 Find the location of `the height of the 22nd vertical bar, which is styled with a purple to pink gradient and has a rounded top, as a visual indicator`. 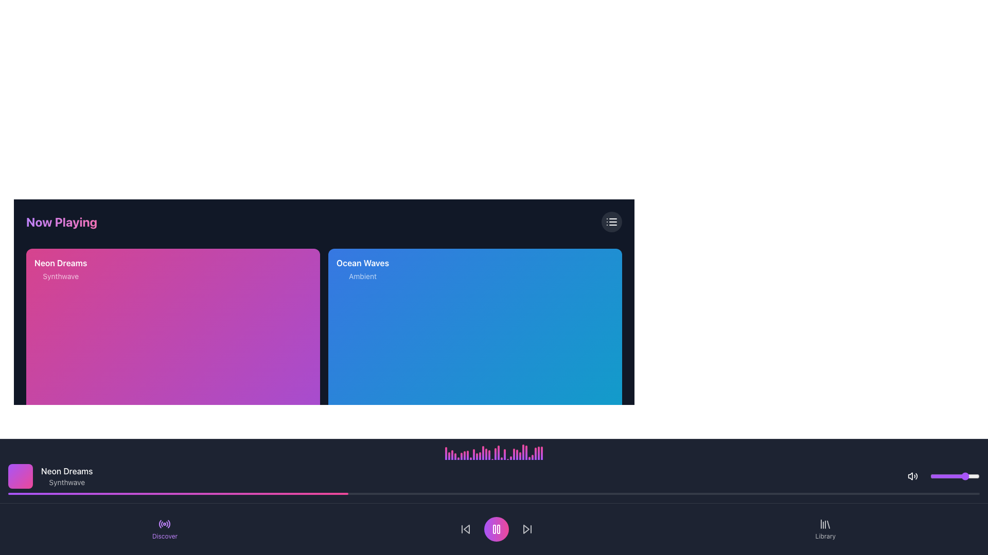

the height of the 22nd vertical bar, which is styled with a purple to pink gradient and has a rounded top, as a visual indicator is located at coordinates (508, 455).